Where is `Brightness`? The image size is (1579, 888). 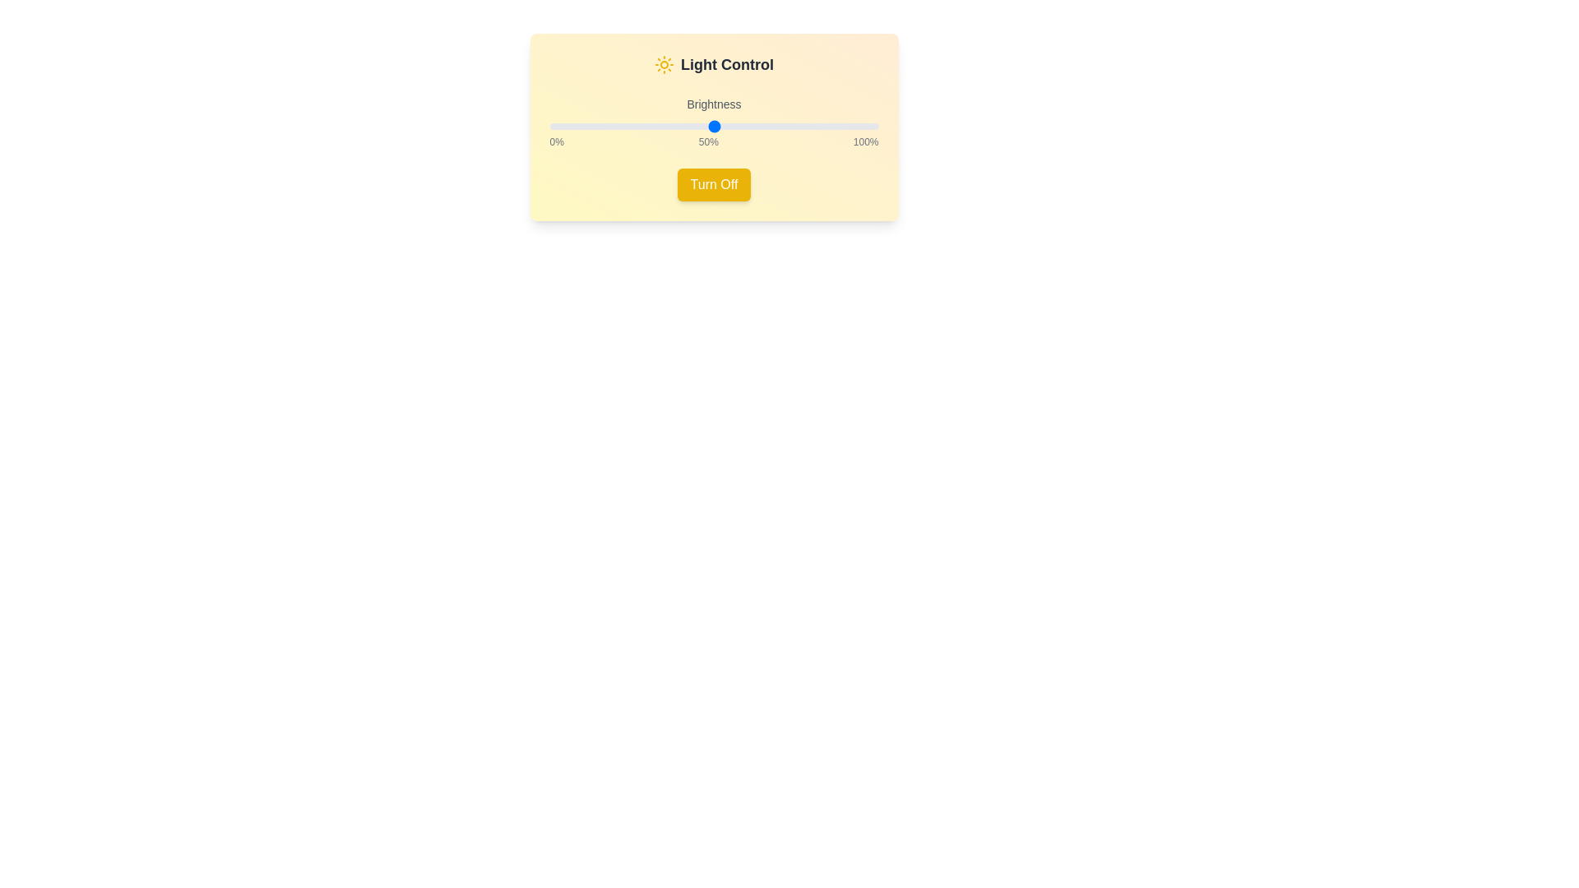 Brightness is located at coordinates (674, 126).